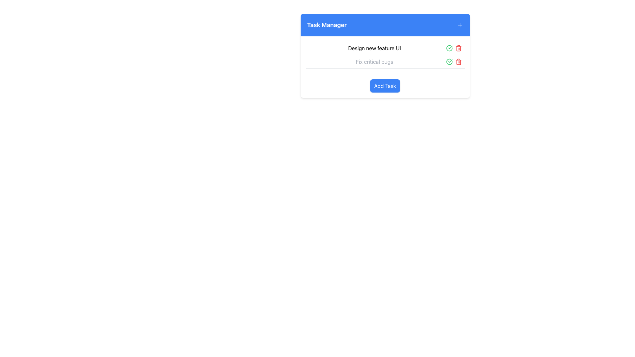 The width and height of the screenshot is (635, 357). Describe the element at coordinates (449, 61) in the screenshot. I see `the task completion button located in the second row of the task manager interface` at that location.